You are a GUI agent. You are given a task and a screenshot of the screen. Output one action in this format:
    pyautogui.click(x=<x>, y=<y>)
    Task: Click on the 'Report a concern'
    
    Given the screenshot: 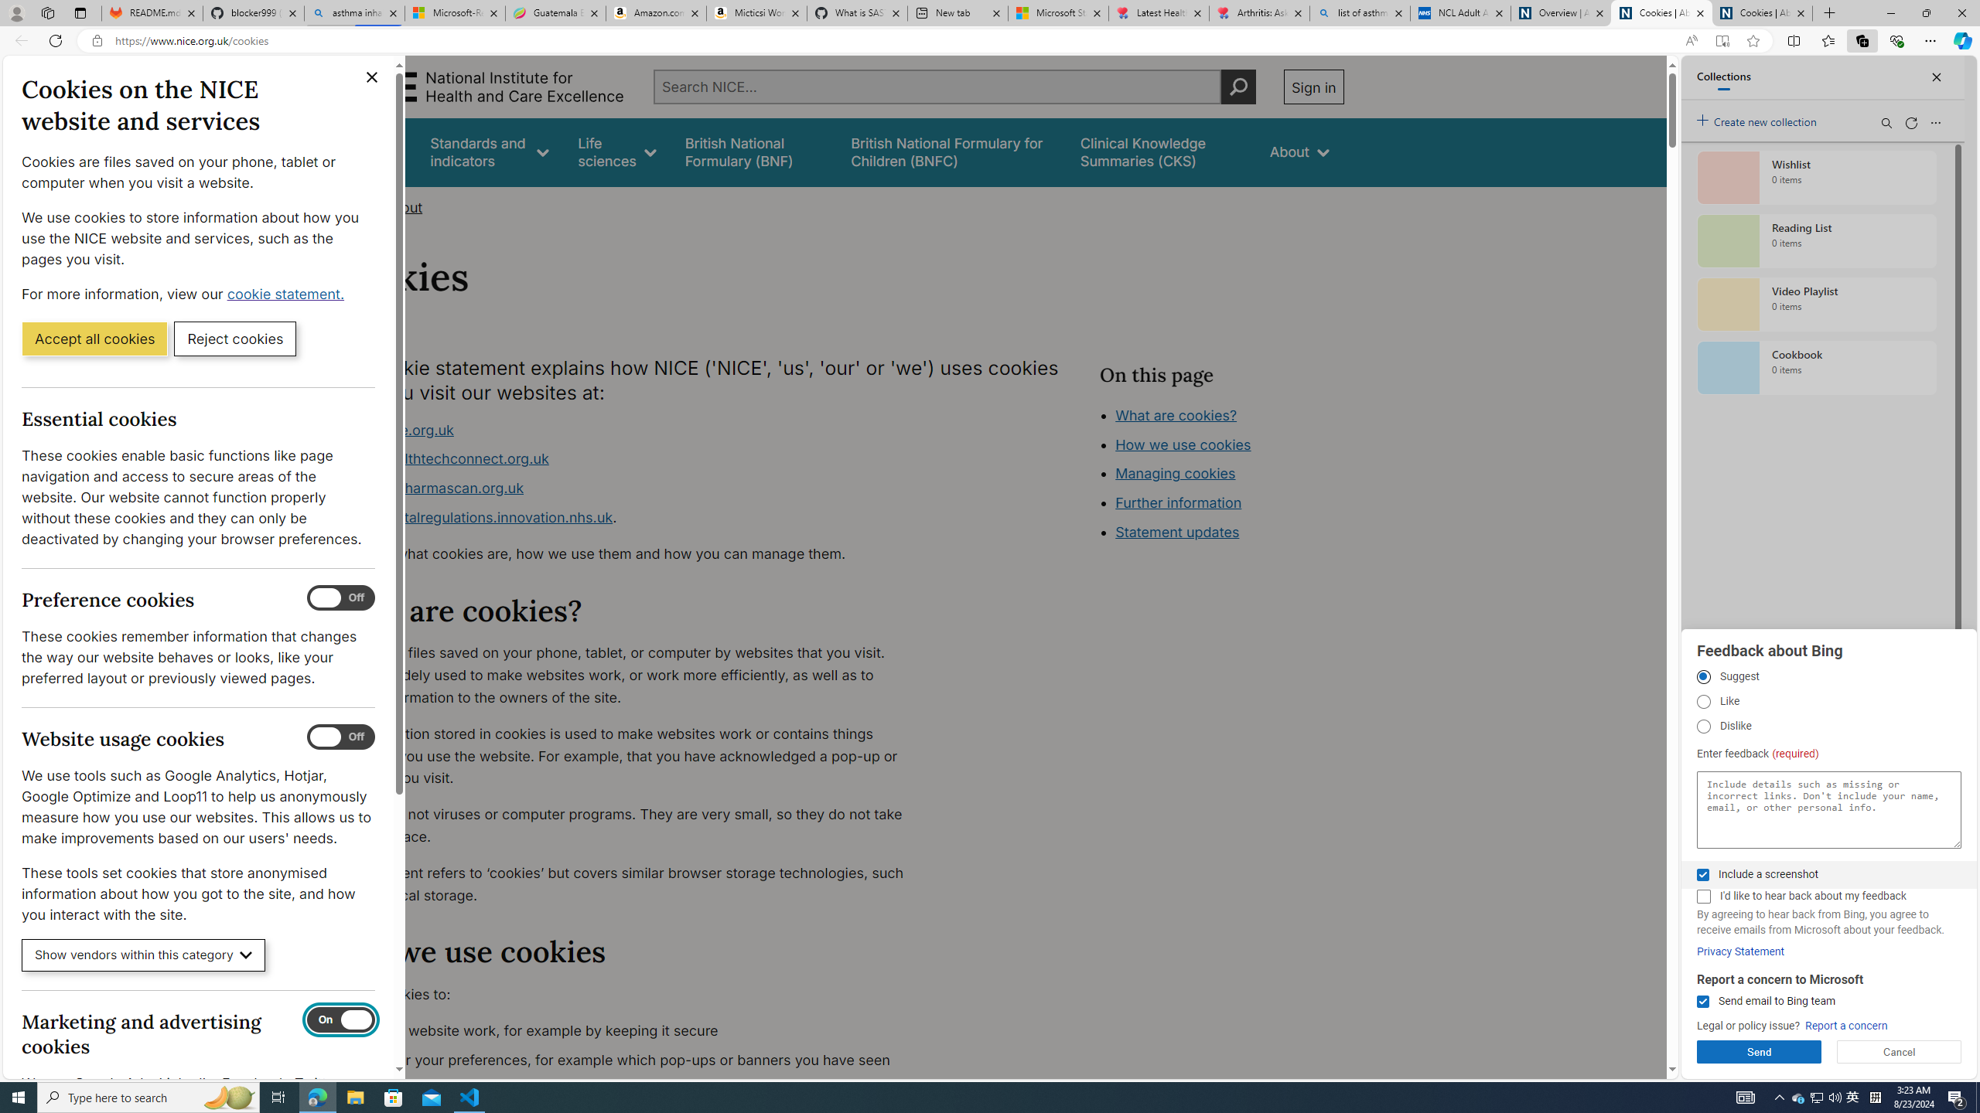 What is the action you would take?
    pyautogui.click(x=1847, y=1025)
    